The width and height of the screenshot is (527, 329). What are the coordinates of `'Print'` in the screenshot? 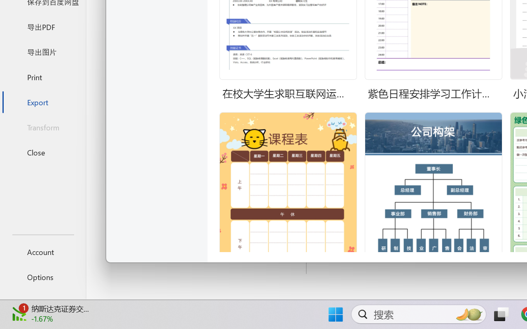 It's located at (42, 76).